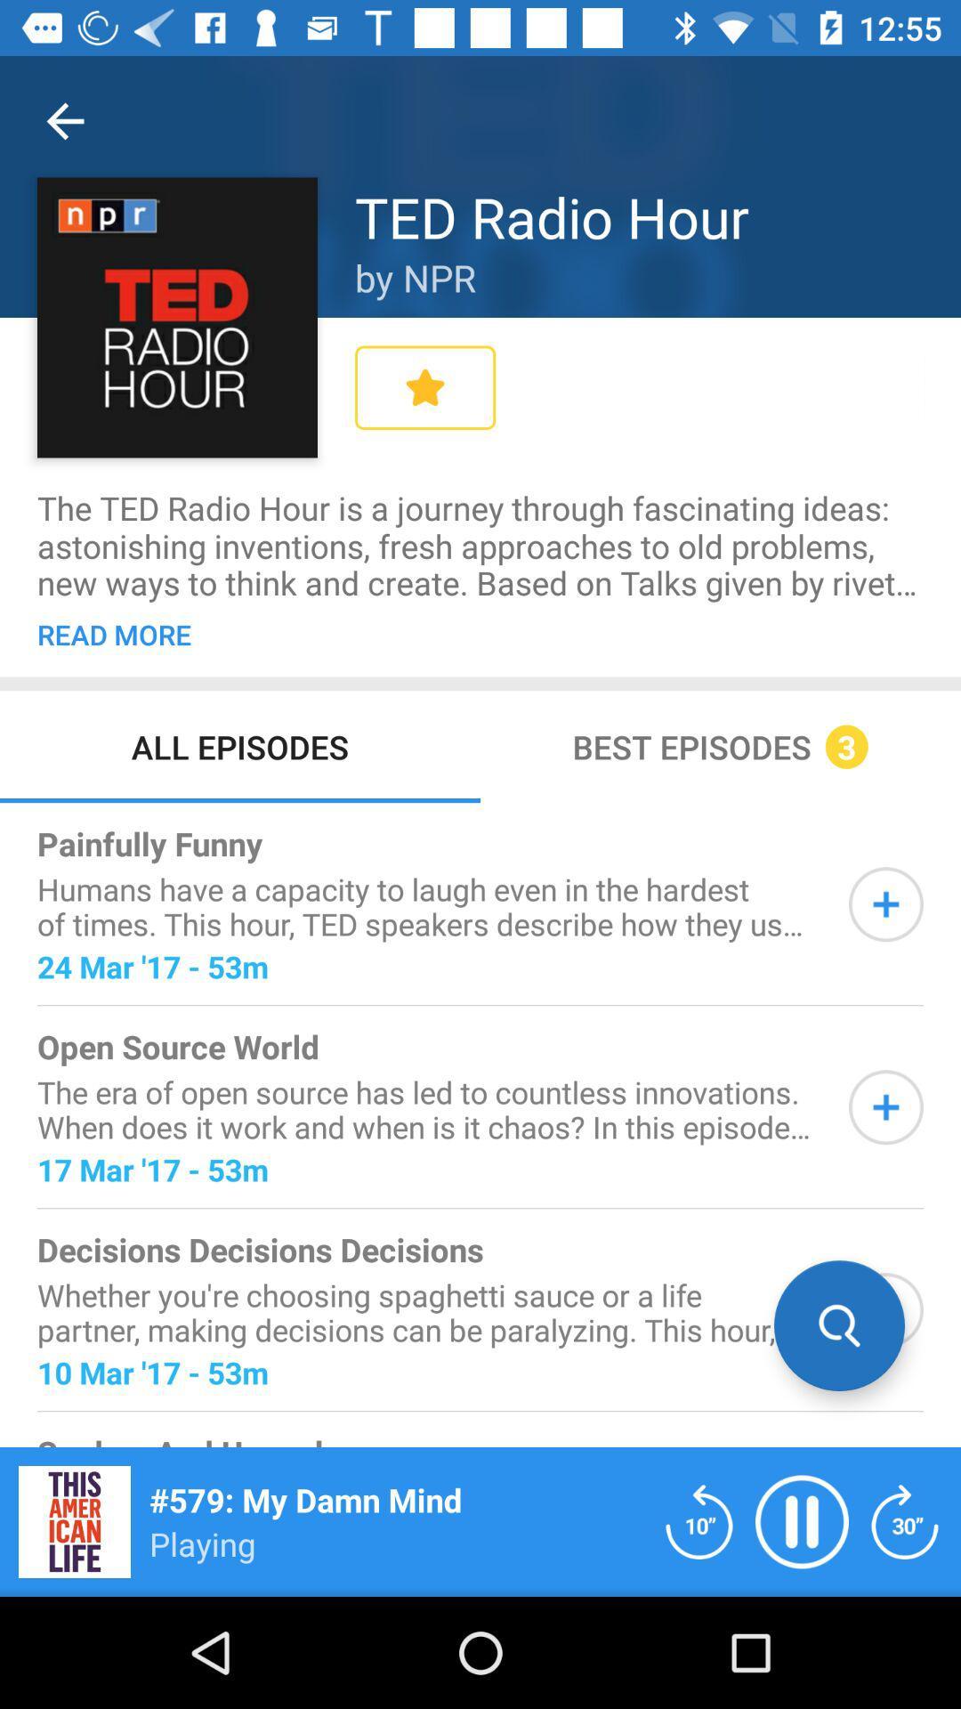 This screenshot has height=1709, width=961. Describe the element at coordinates (885, 904) in the screenshot. I see `this to queue` at that location.